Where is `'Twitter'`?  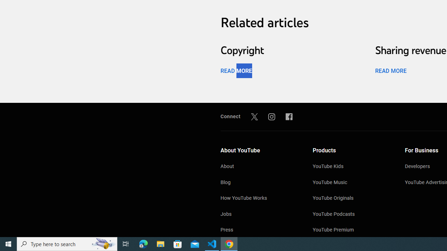 'Twitter' is located at coordinates (254, 116).